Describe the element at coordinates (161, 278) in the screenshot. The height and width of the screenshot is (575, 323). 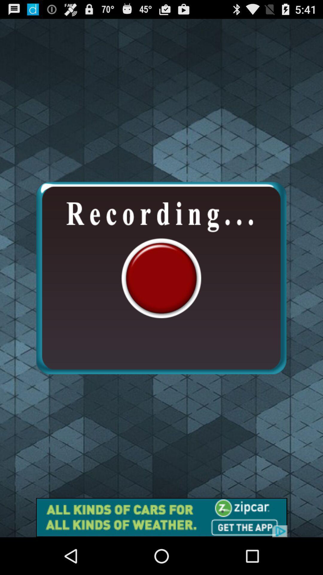
I see `stop recording` at that location.